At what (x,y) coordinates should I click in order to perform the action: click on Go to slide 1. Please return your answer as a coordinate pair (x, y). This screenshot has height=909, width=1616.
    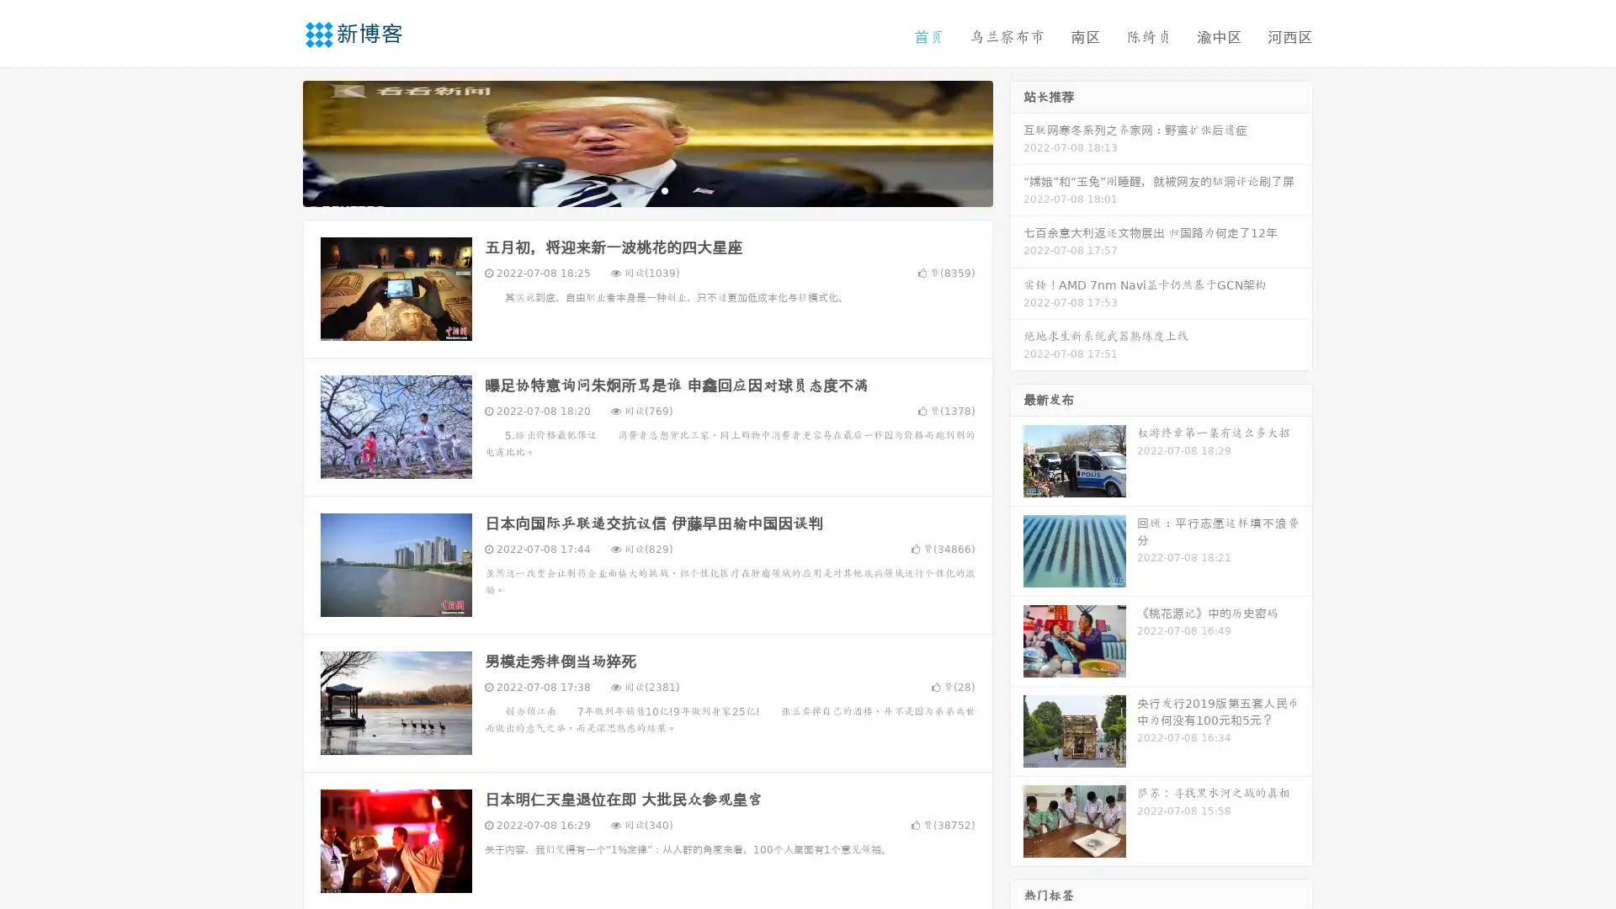
    Looking at the image, I should click on (630, 189).